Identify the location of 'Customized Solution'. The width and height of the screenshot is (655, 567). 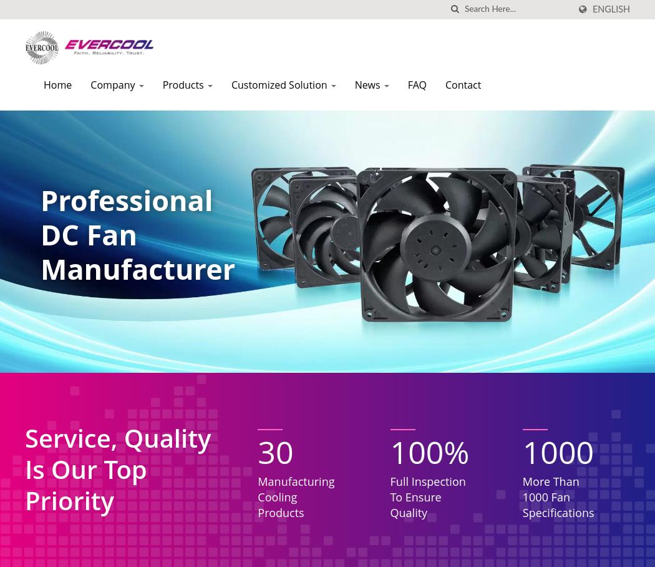
(230, 85).